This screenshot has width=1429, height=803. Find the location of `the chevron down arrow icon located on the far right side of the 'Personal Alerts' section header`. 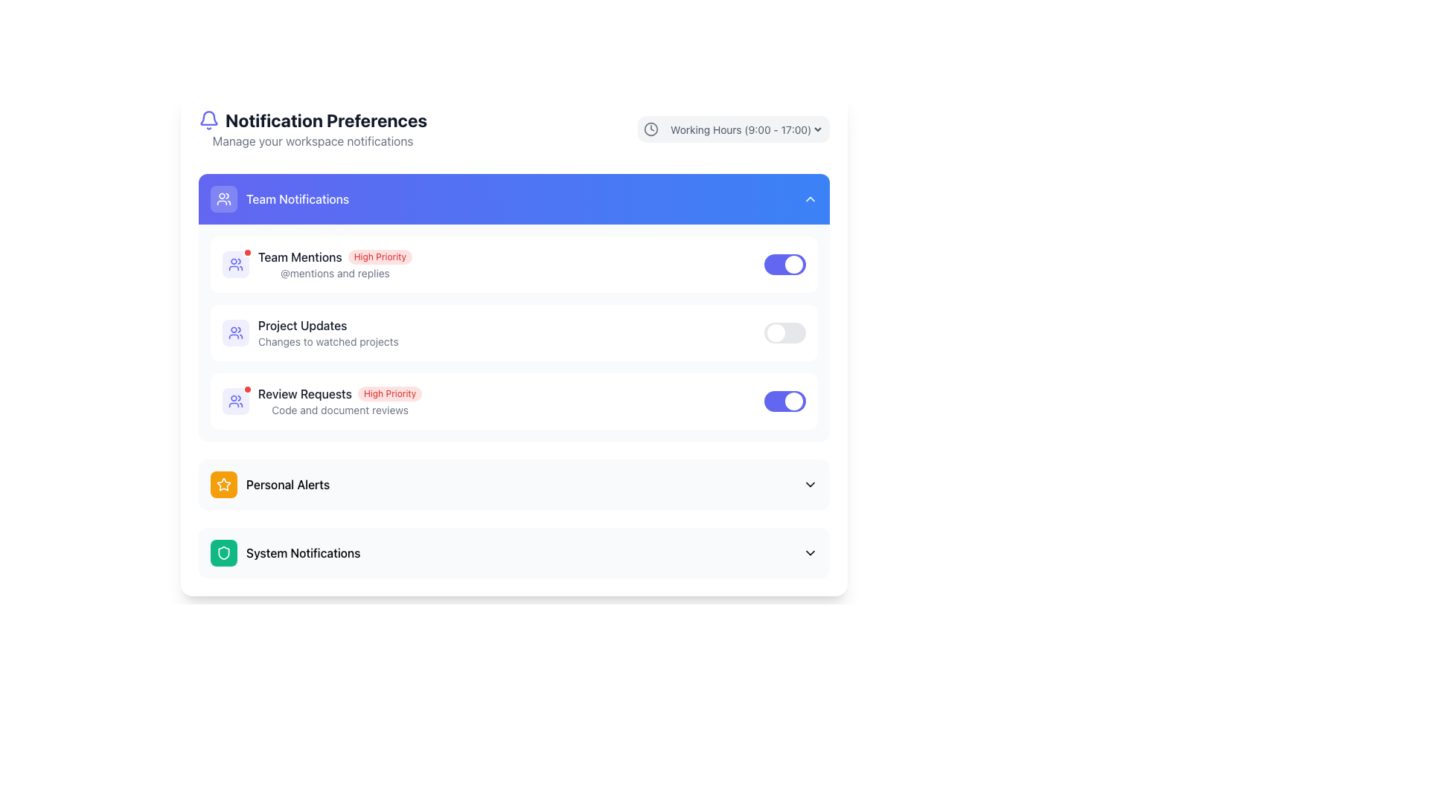

the chevron down arrow icon located on the far right side of the 'Personal Alerts' section header is located at coordinates (810, 484).